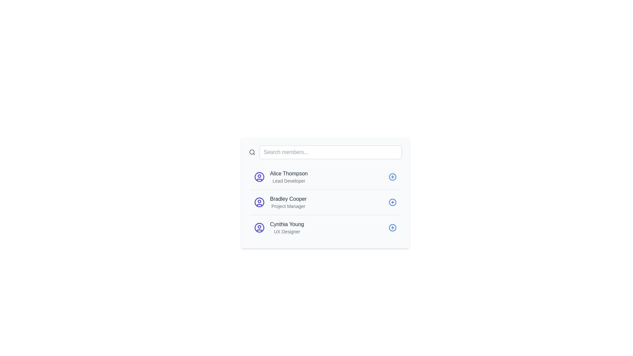 This screenshot has height=356, width=633. I want to click on the Profile listing entry for 'Cynthia Young', which includes an avatar icon on the left and text fields displaying her name and title, so click(279, 227).